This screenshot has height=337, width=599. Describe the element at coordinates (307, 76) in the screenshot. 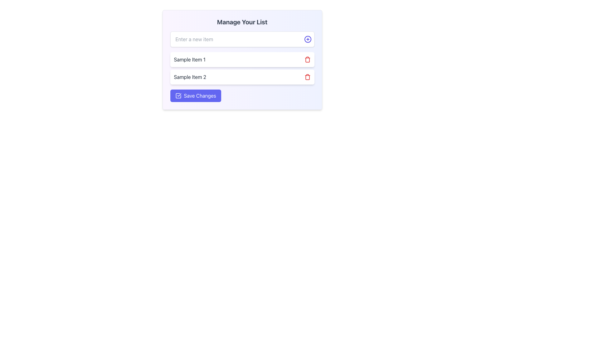

I see `the red trash icon located at the far-right end of the second list item 'Sample Item 2'` at that location.